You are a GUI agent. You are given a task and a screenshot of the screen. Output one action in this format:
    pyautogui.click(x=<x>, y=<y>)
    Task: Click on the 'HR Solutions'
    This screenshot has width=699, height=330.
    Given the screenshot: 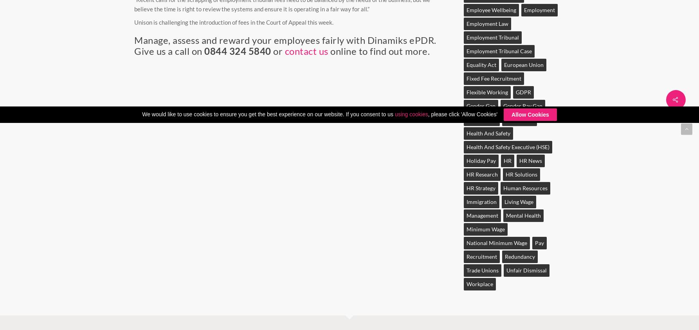 What is the action you would take?
    pyautogui.click(x=521, y=174)
    